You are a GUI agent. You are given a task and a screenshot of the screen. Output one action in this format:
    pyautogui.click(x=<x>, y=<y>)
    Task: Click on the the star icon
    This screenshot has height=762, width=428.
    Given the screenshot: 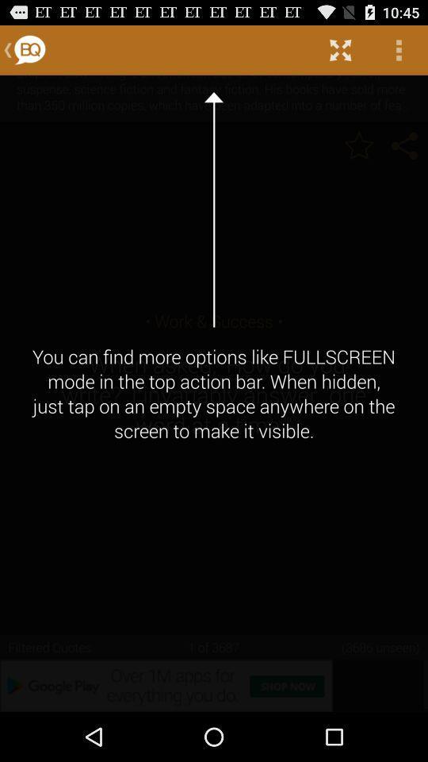 What is the action you would take?
    pyautogui.click(x=359, y=155)
    